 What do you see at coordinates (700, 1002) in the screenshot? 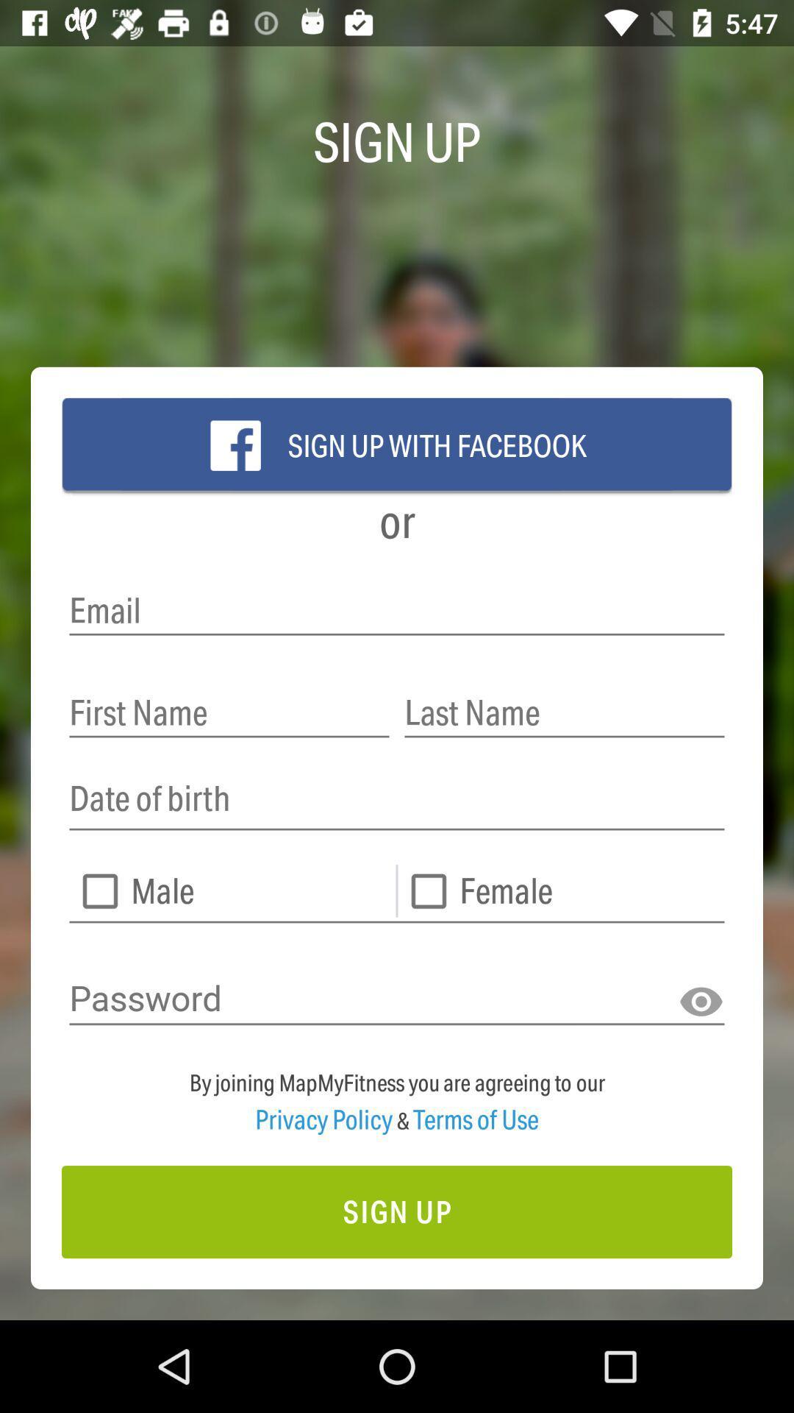
I see `the visibility icon` at bounding box center [700, 1002].